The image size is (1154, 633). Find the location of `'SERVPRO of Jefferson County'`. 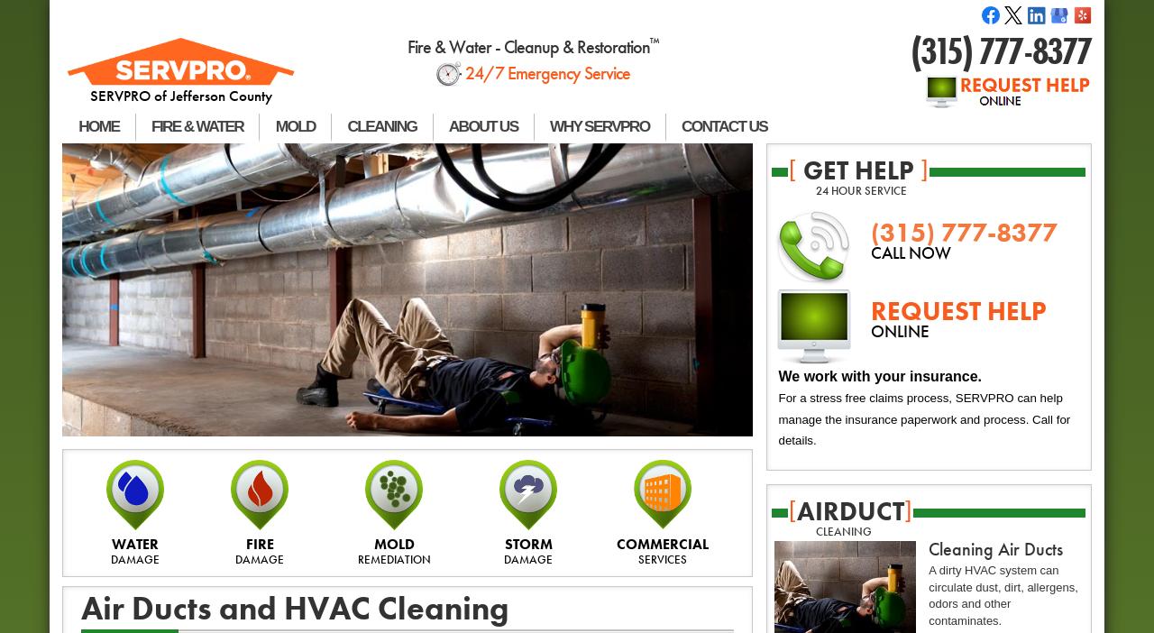

'SERVPRO of Jefferson County' is located at coordinates (87, 95).